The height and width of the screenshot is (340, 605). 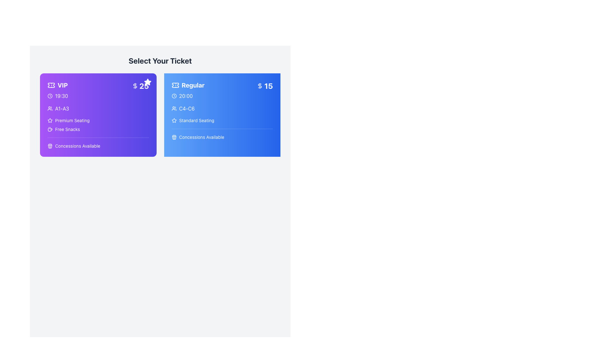 I want to click on the group icon located on the left side of the 'A1-A3' text within the top-left section of the purple card labeled 'VIP', so click(x=49, y=108).